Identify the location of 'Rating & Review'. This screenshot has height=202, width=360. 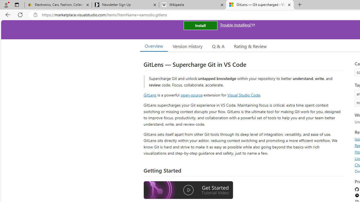
(250, 46).